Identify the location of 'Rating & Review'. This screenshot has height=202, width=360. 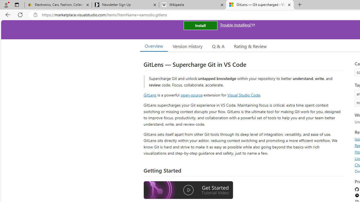
(250, 46).